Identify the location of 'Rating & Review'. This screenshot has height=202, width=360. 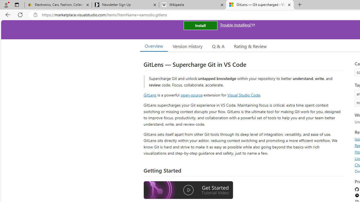
(250, 46).